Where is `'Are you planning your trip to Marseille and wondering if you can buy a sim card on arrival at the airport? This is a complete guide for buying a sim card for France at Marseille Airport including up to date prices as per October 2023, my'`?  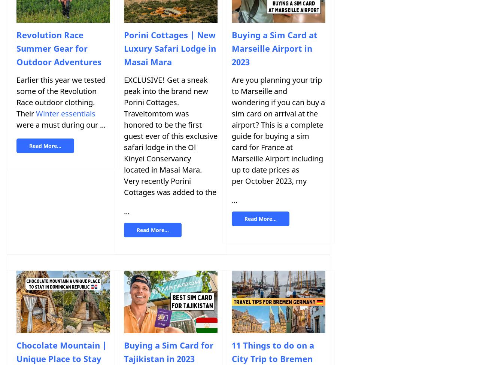 'Are you planning your trip to Marseille and wondering if you can buy a sim card on arrival at the airport? This is a complete guide for buying a sim card for France at Marseille Airport including up to date prices as per October 2023, my' is located at coordinates (231, 130).